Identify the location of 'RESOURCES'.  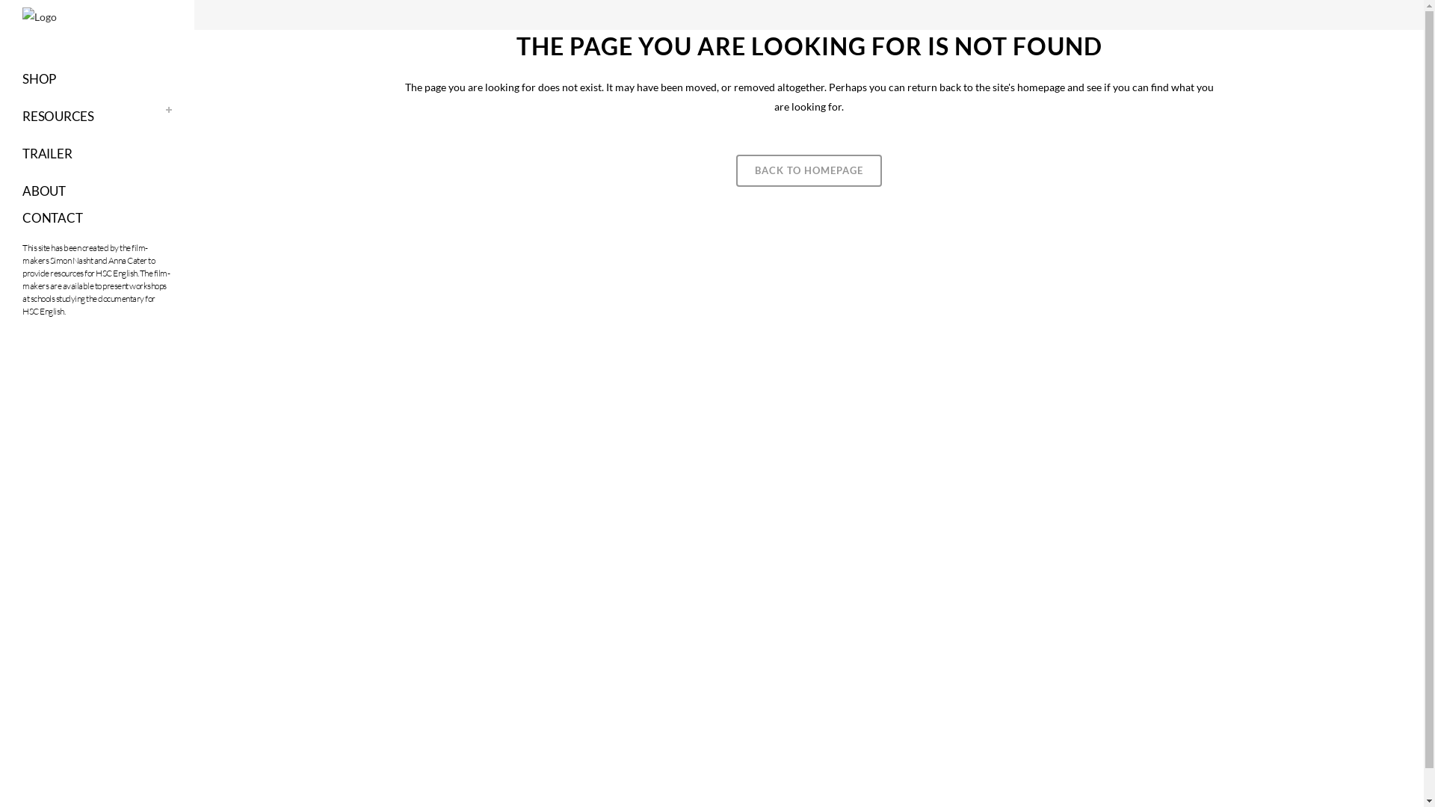
(96, 115).